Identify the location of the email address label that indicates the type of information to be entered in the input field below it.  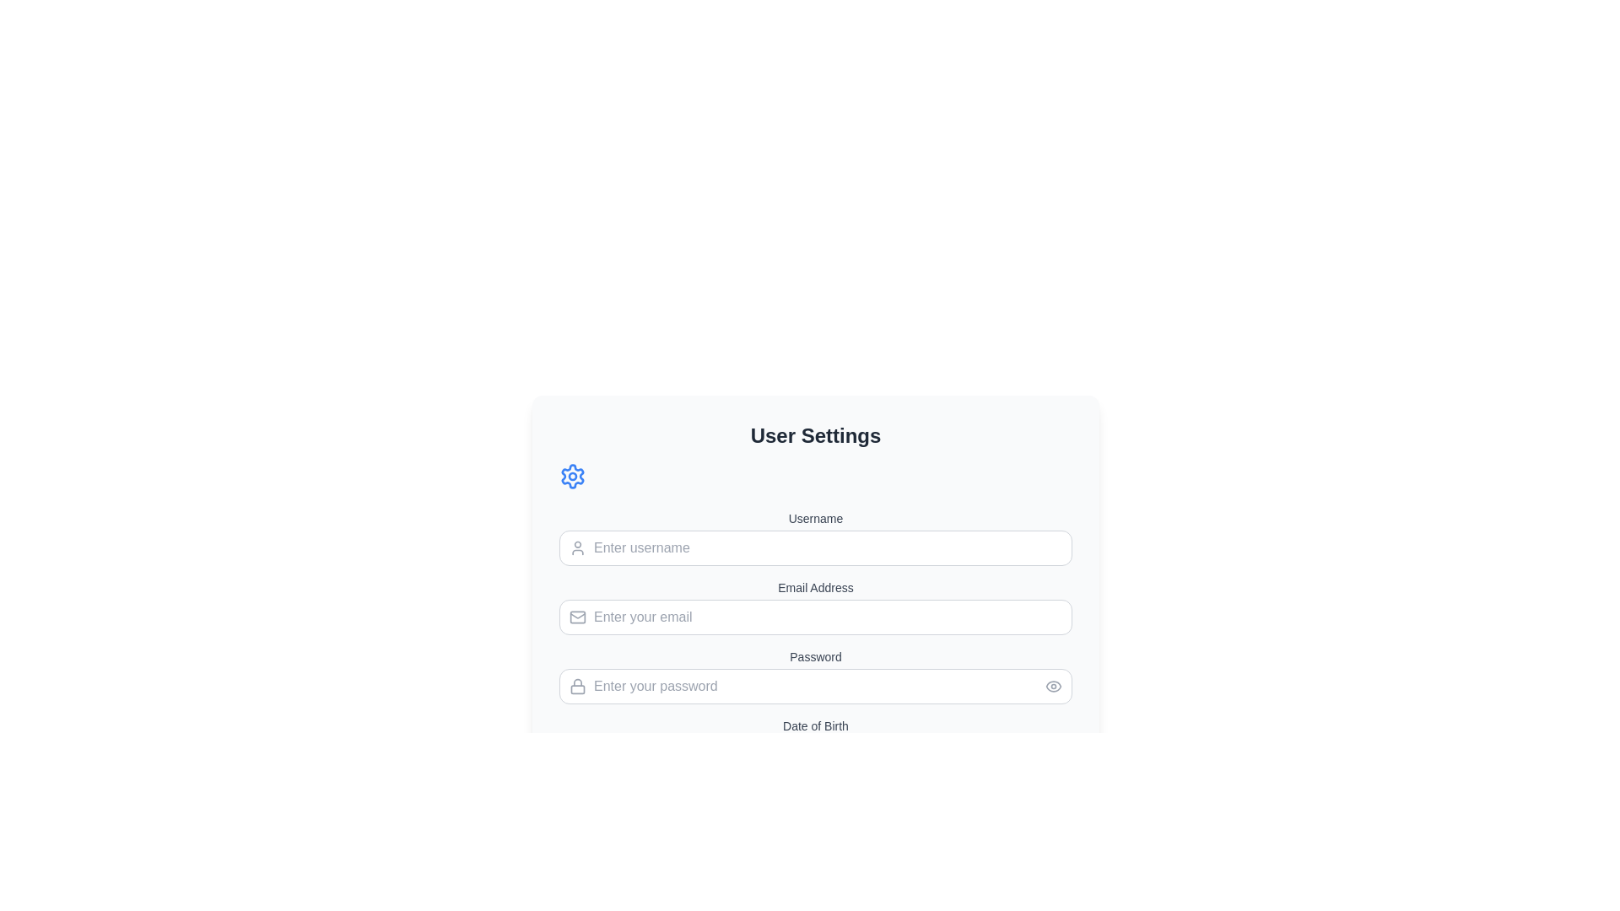
(815, 587).